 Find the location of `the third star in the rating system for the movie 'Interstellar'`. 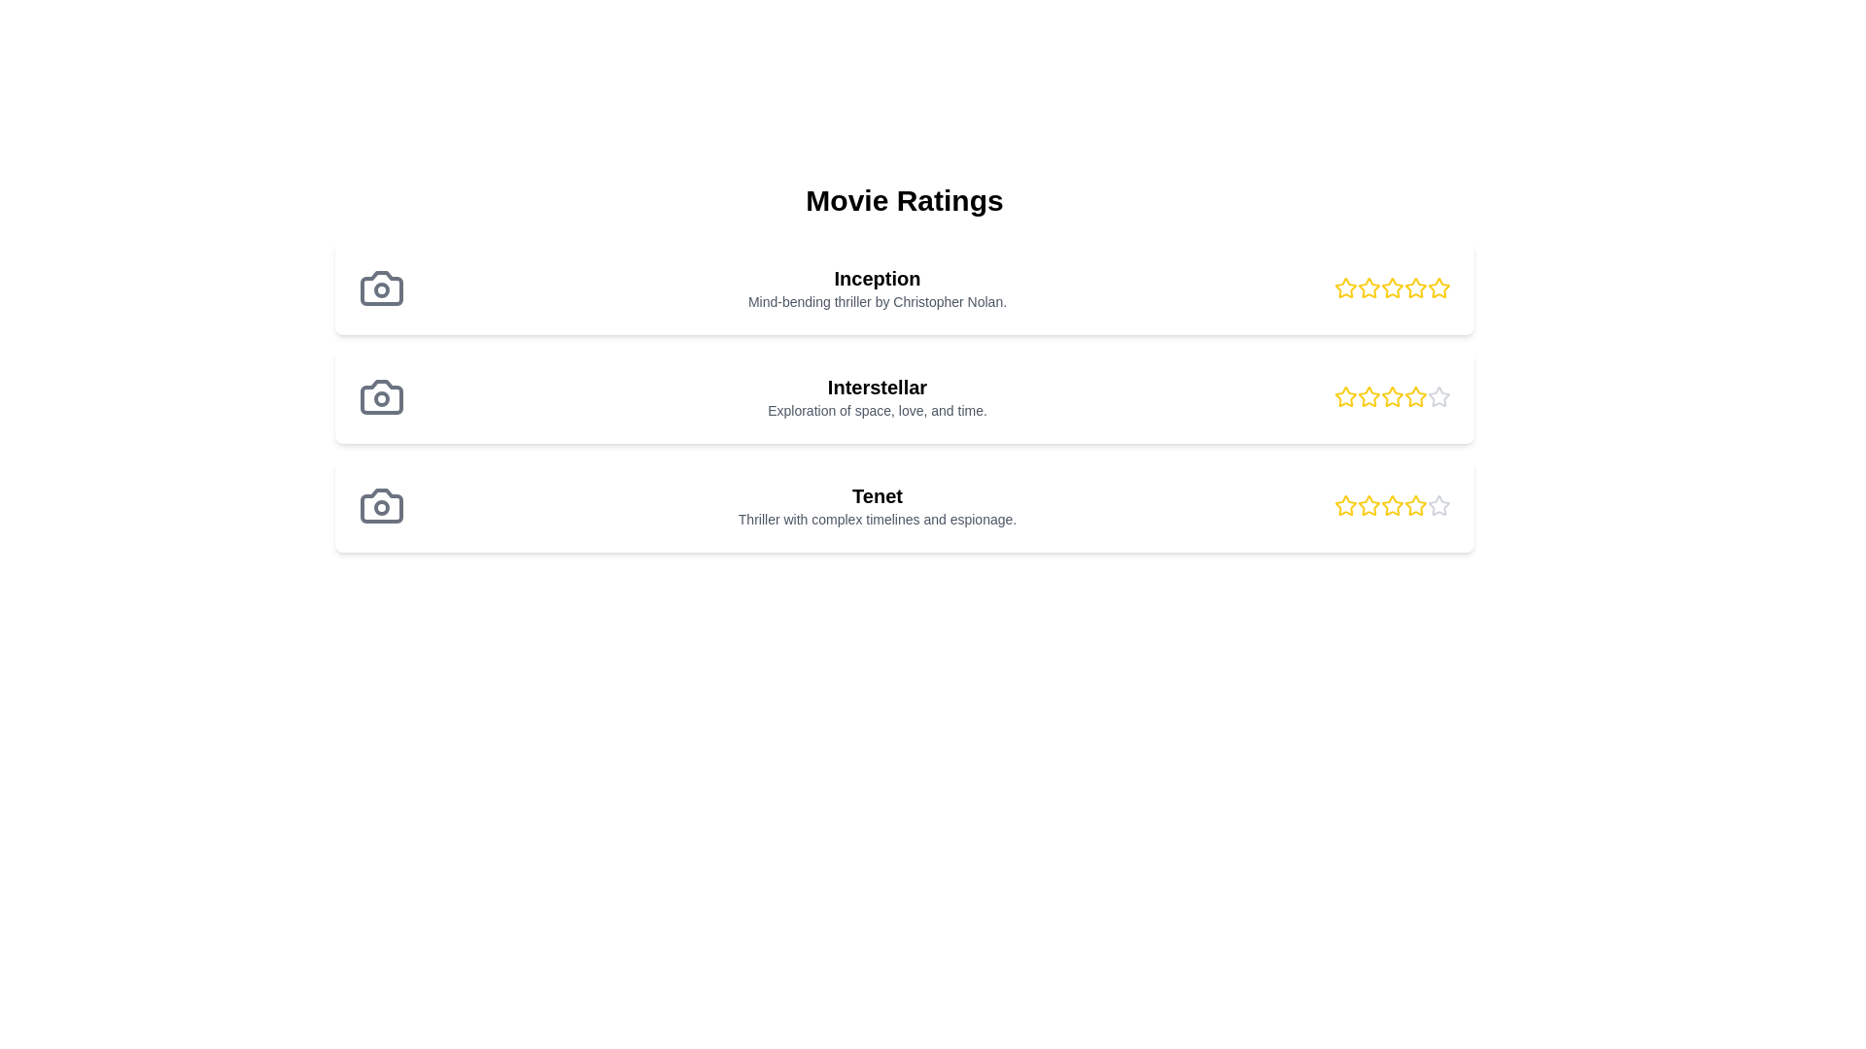

the third star in the rating system for the movie 'Interstellar' is located at coordinates (1392, 395).